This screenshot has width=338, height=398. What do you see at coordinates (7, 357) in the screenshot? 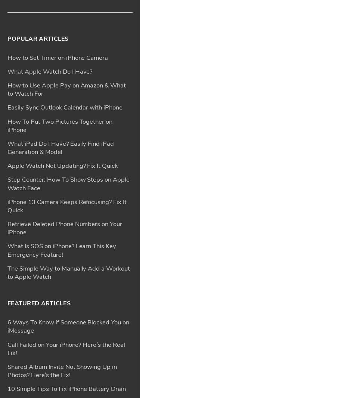
I see `'Latest Articles'` at bounding box center [7, 357].